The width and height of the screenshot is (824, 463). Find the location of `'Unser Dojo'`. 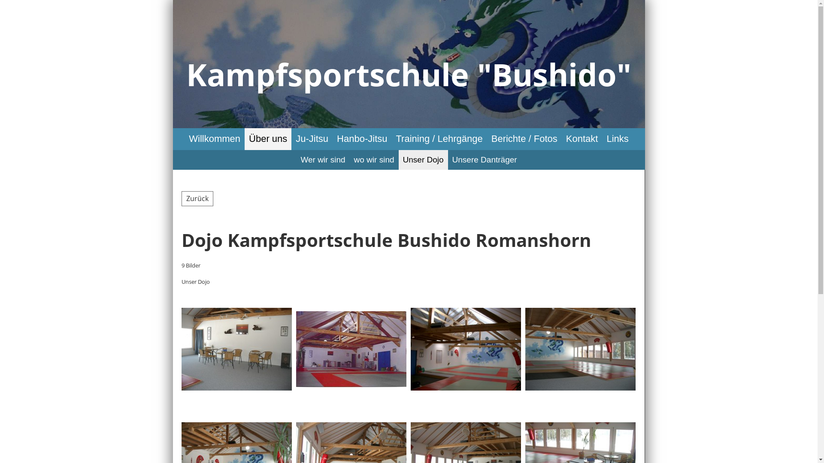

'Unser Dojo' is located at coordinates (423, 160).